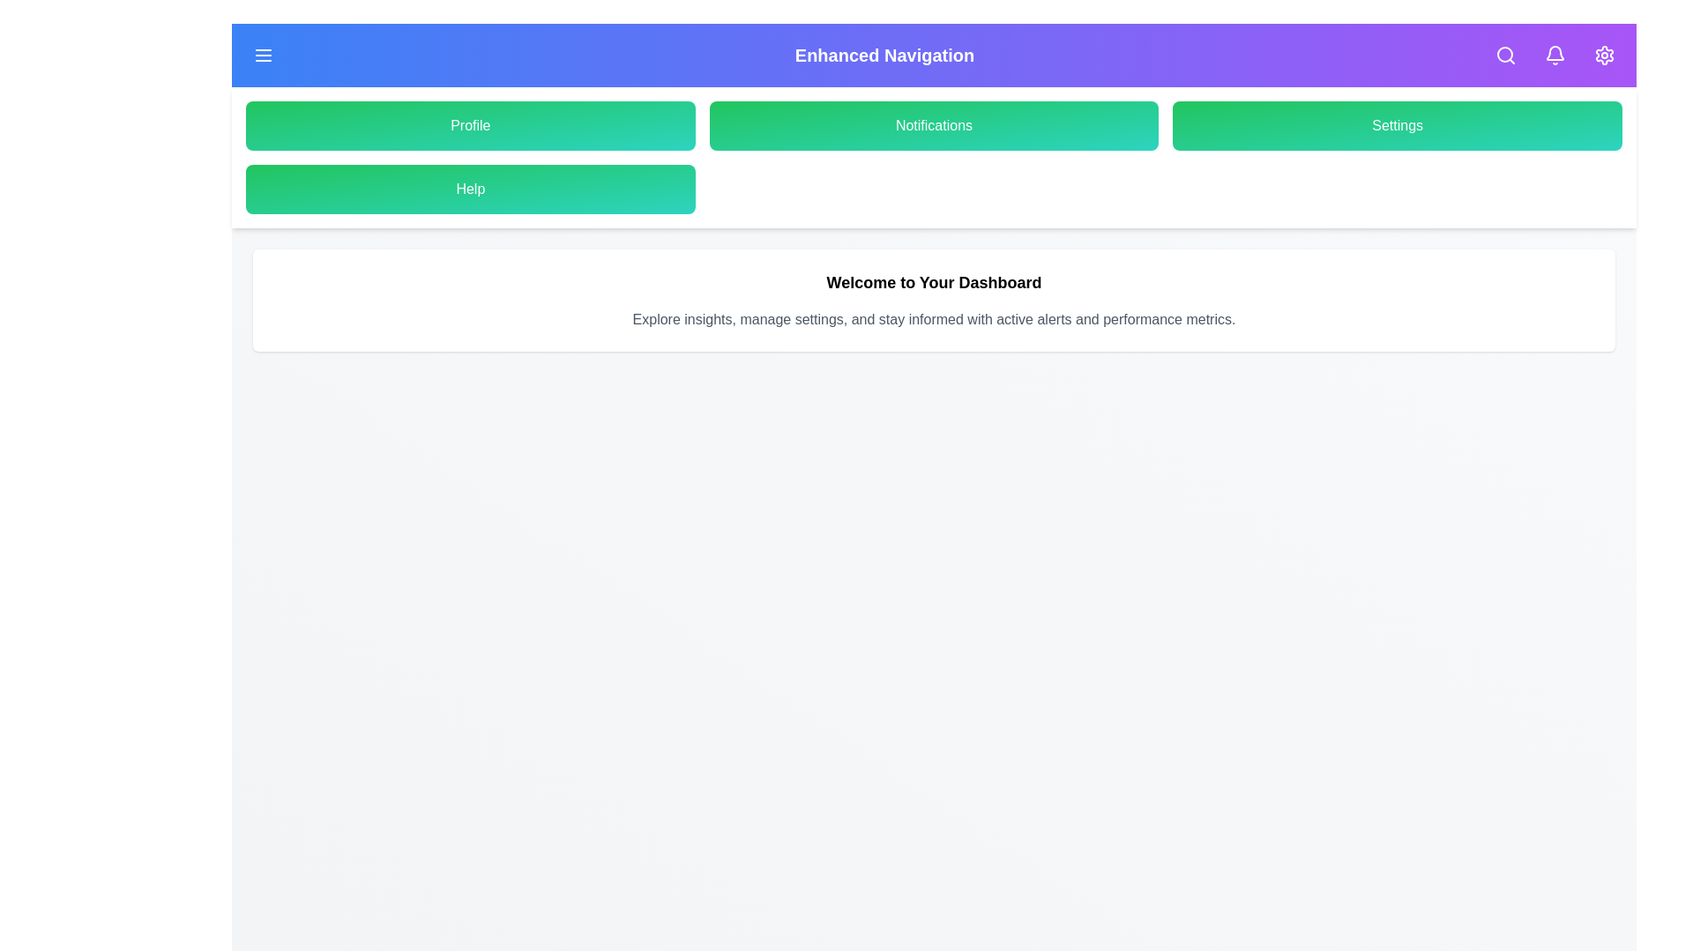 This screenshot has width=1693, height=952. I want to click on the 'Settings' button in the menu, so click(1396, 124).